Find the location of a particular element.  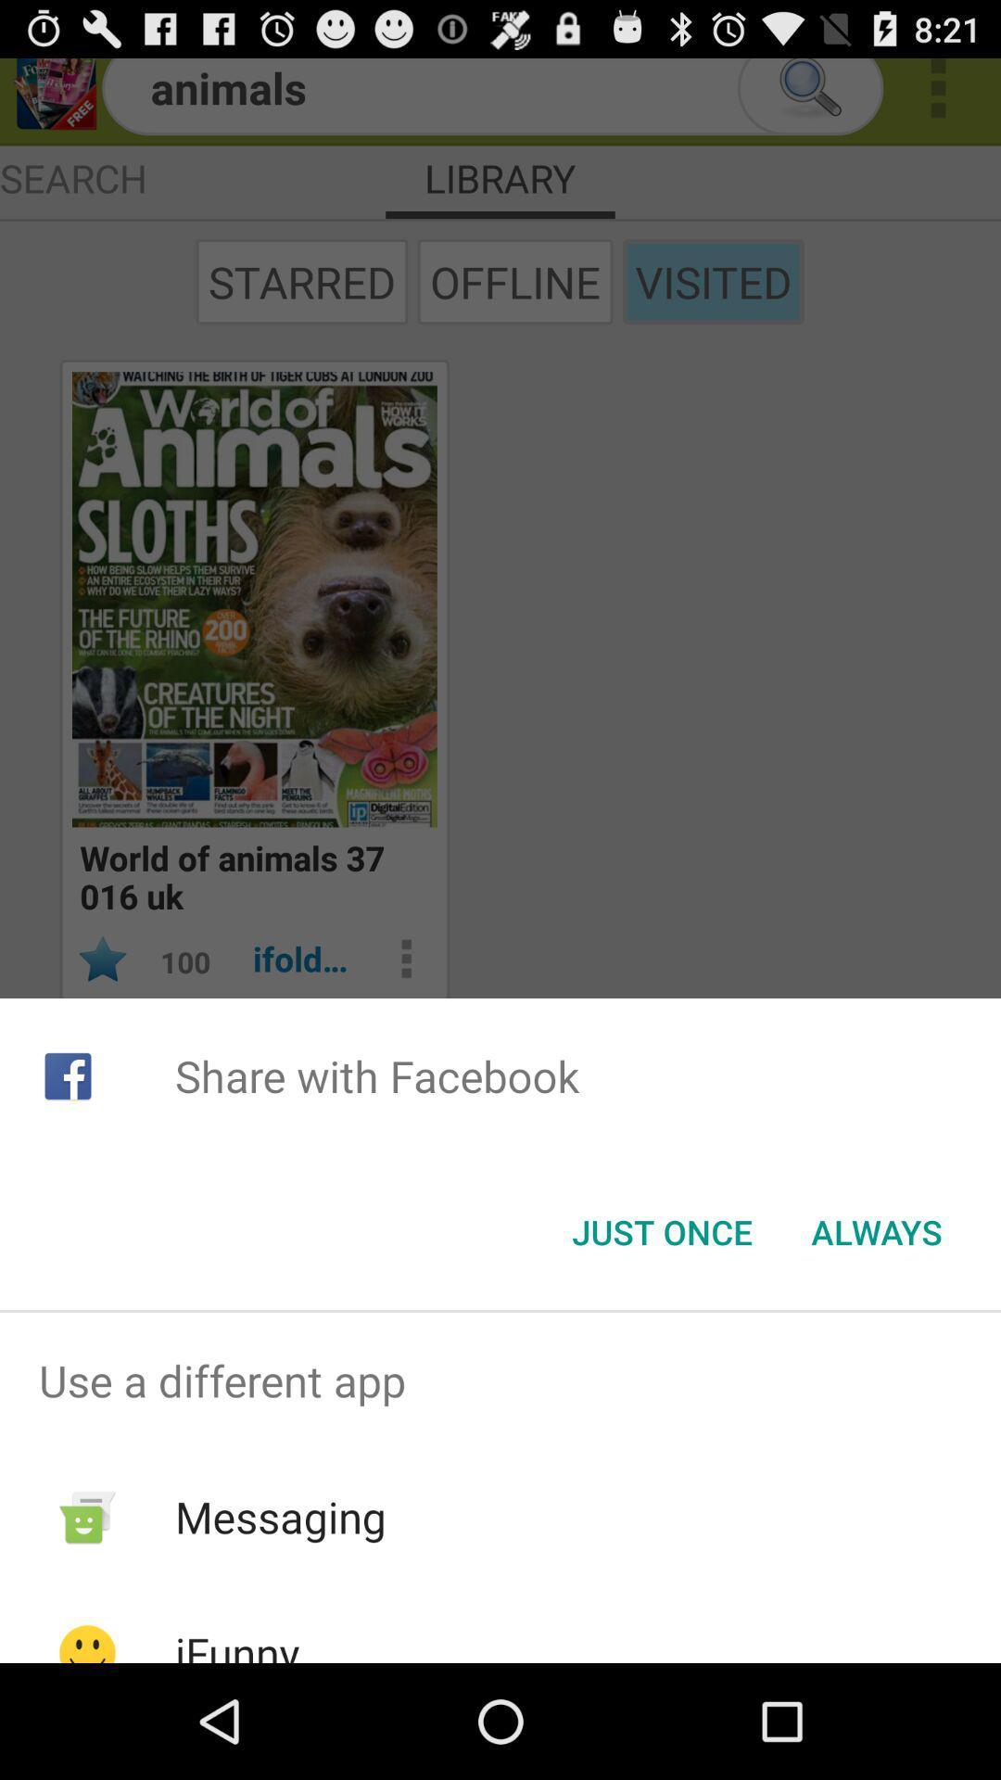

item above ifunny app is located at coordinates (281, 1517).